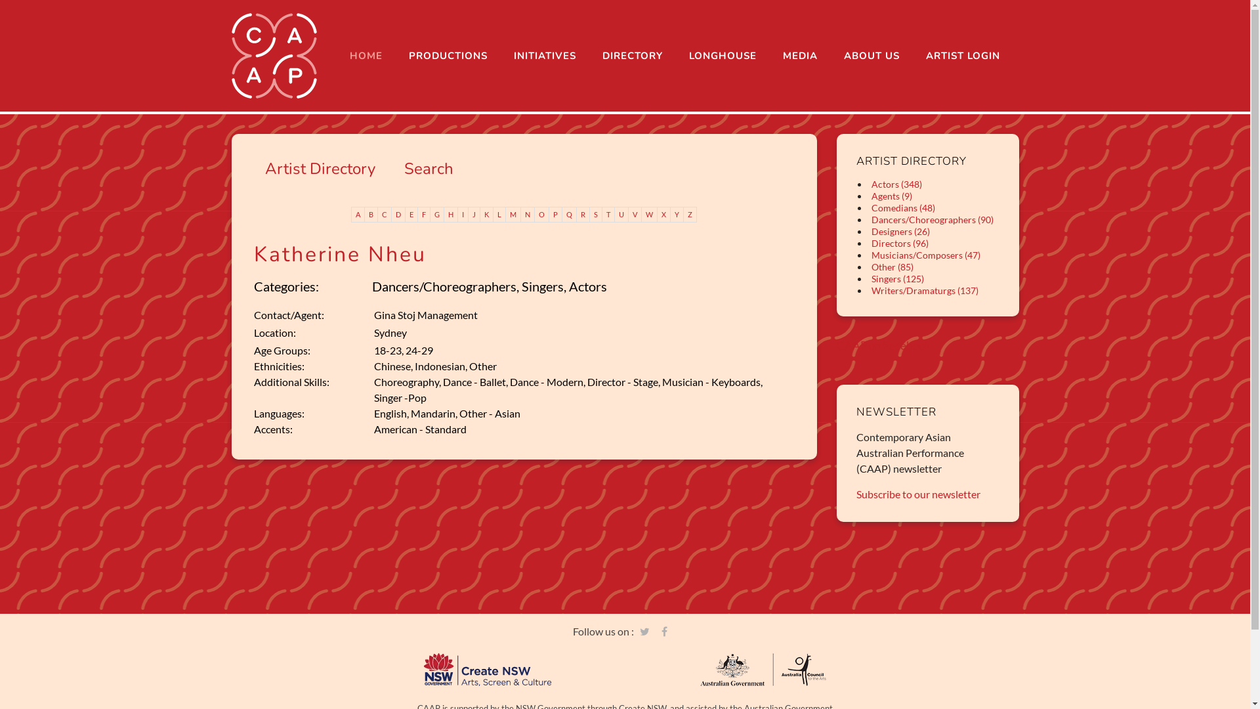 The height and width of the screenshot is (709, 1260). What do you see at coordinates (555, 214) in the screenshot?
I see `'P'` at bounding box center [555, 214].